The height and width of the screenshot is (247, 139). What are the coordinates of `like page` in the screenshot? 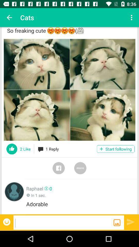 It's located at (12, 149).